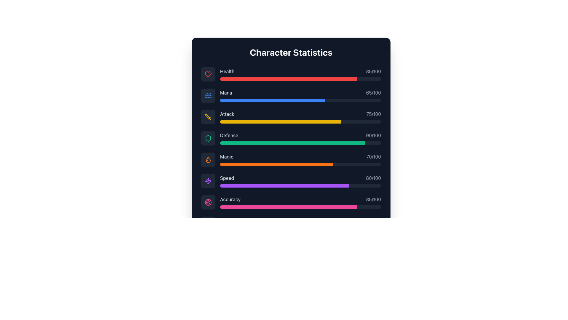 The image size is (568, 320). I want to click on the heart-shaped icon styled in red lines on a dark background, which represents the 'Health' statistic in the first row of icons in the left column, so click(208, 74).